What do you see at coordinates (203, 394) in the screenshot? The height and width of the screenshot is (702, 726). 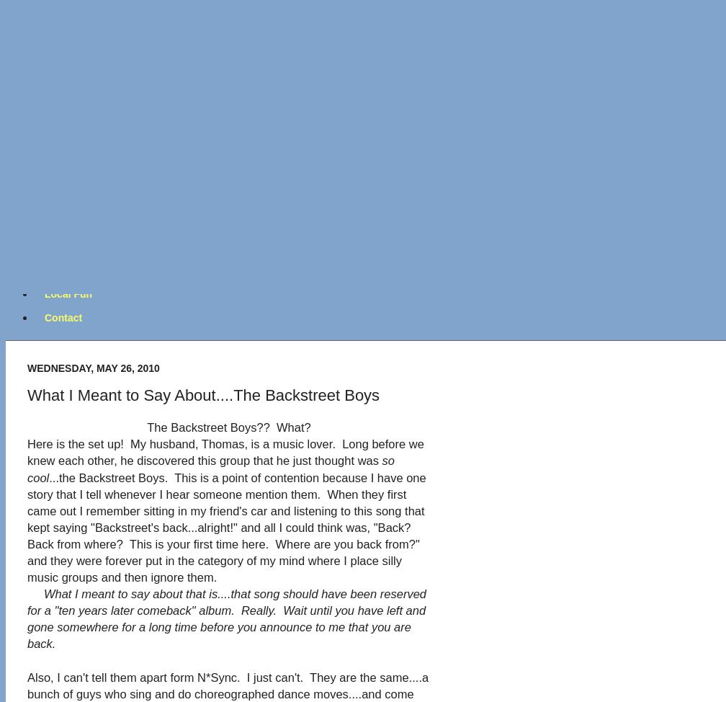 I see `'What I Meant to Say About....The Backstreet Boys'` at bounding box center [203, 394].